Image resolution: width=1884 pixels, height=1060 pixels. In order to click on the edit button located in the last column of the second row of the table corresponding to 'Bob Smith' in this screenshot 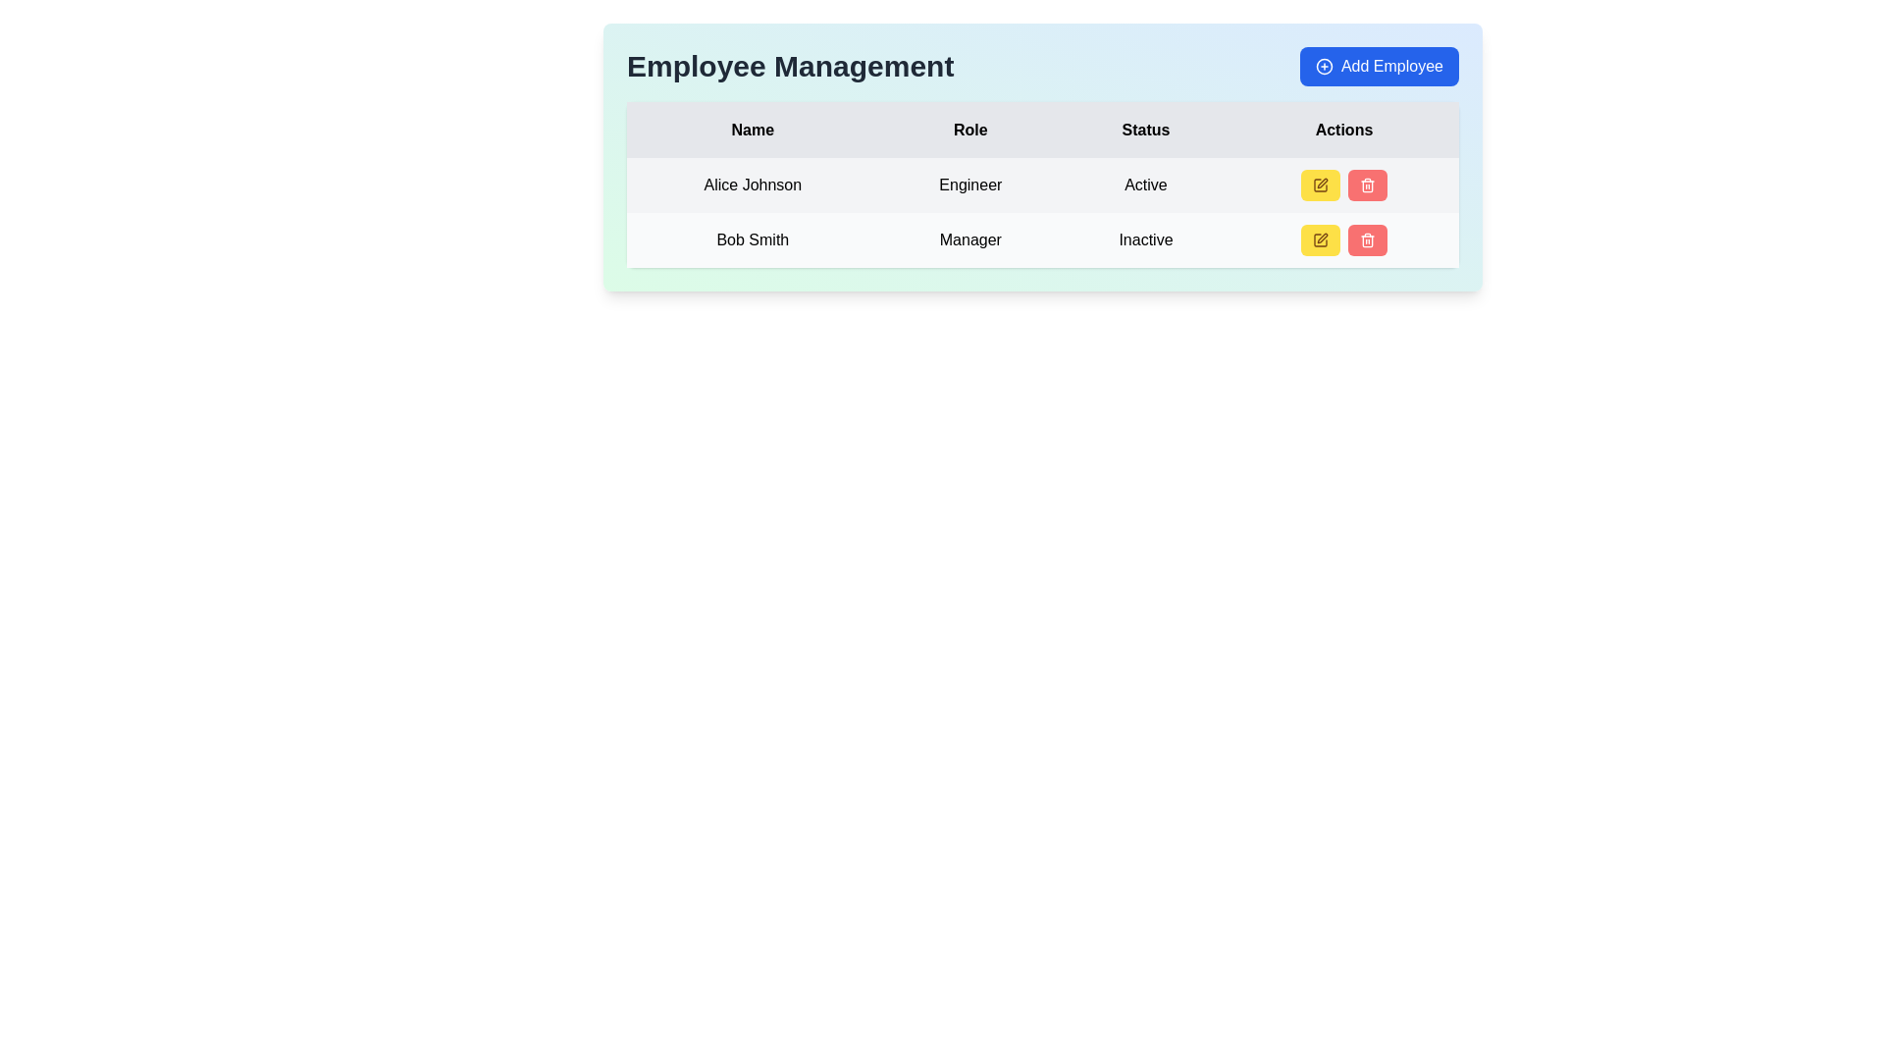, I will do `click(1342, 239)`.